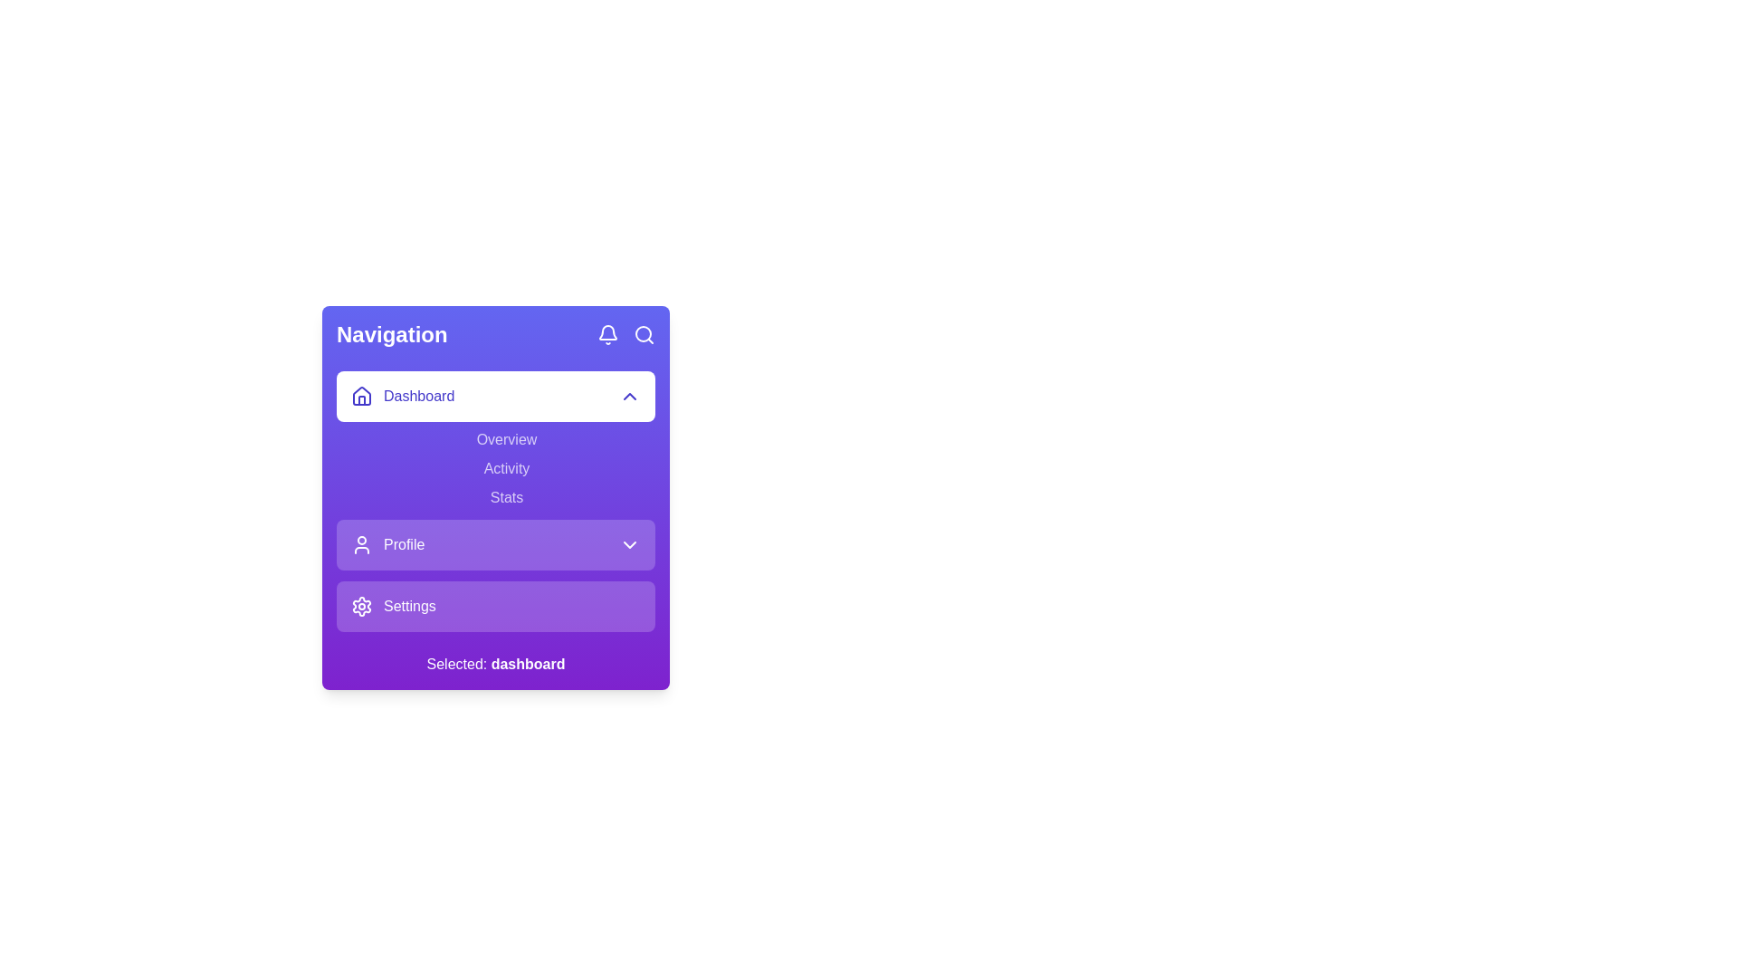 The image size is (1738, 978). Describe the element at coordinates (630, 396) in the screenshot. I see `the Chevron-Up Icon located in the navigation bar next to the 'Dashboard' text` at that location.